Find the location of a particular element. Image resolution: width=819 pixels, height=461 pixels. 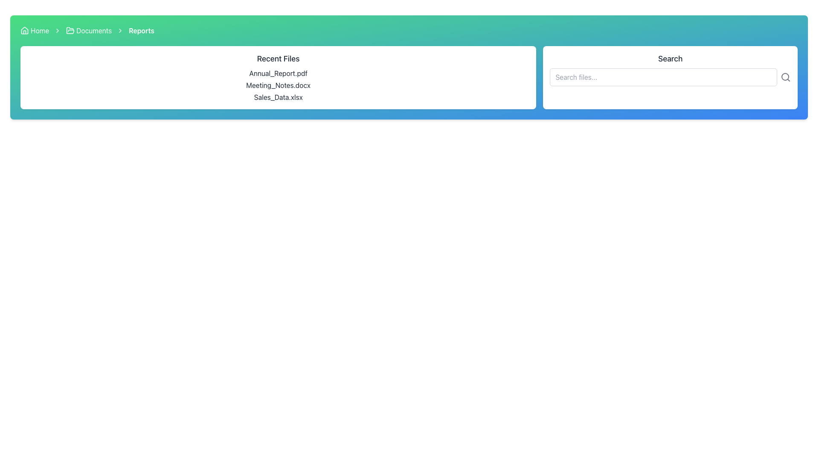

the second chevron icon in the breadcrumb navigation that separates 'Documents' and 'Reports' is located at coordinates (57, 30).